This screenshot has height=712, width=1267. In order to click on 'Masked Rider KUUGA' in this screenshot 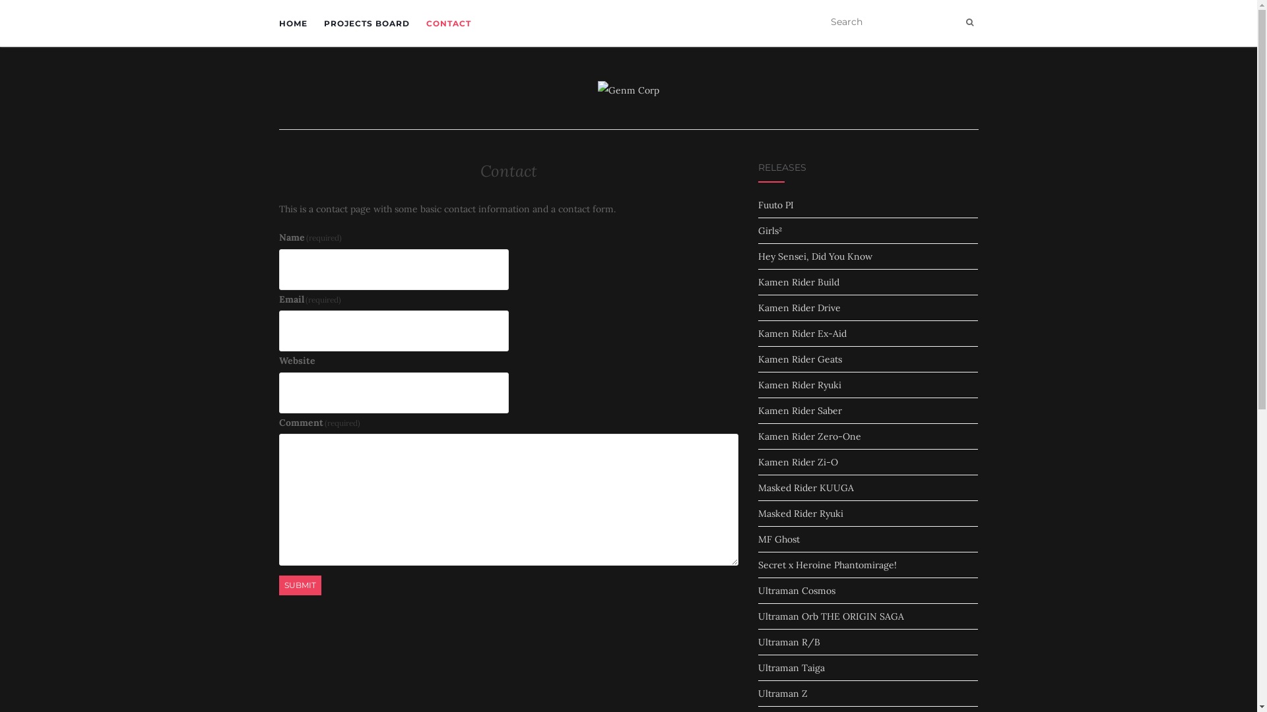, I will do `click(805, 488)`.